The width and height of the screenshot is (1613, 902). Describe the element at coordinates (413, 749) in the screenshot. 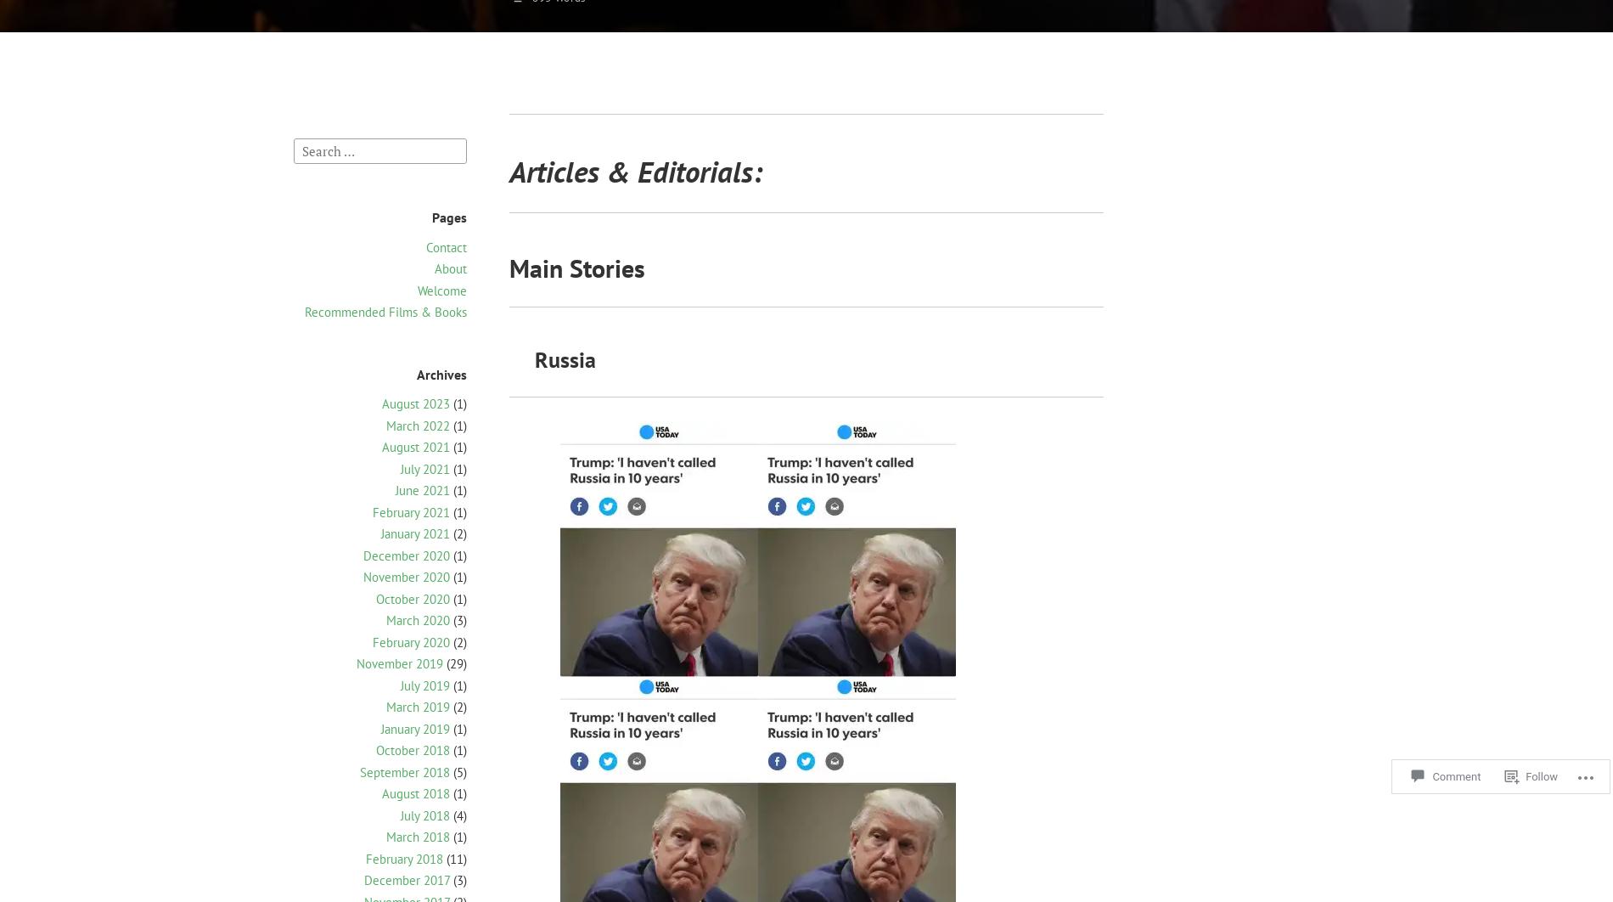

I see `'October 2018'` at that location.